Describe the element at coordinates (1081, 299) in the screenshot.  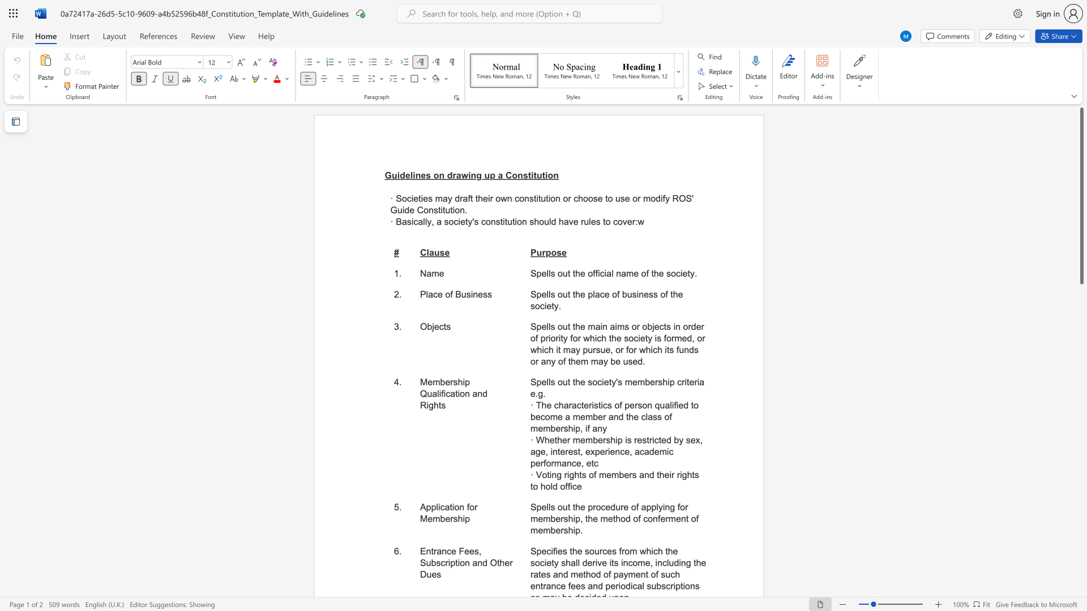
I see `the scrollbar to move the view down` at that location.